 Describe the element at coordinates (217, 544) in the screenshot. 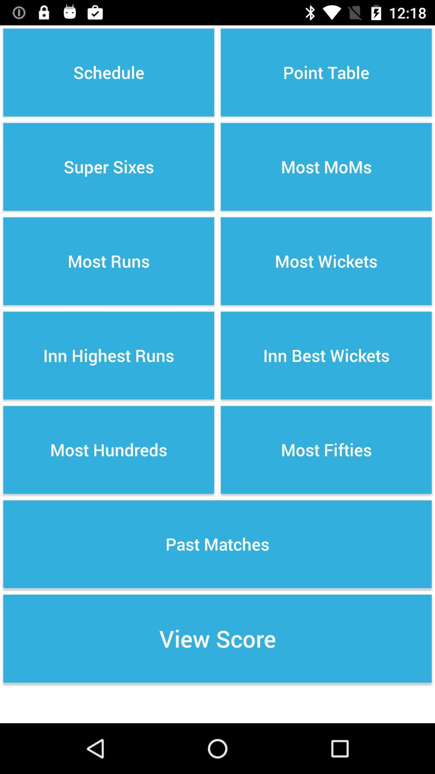

I see `the past matches icon` at that location.